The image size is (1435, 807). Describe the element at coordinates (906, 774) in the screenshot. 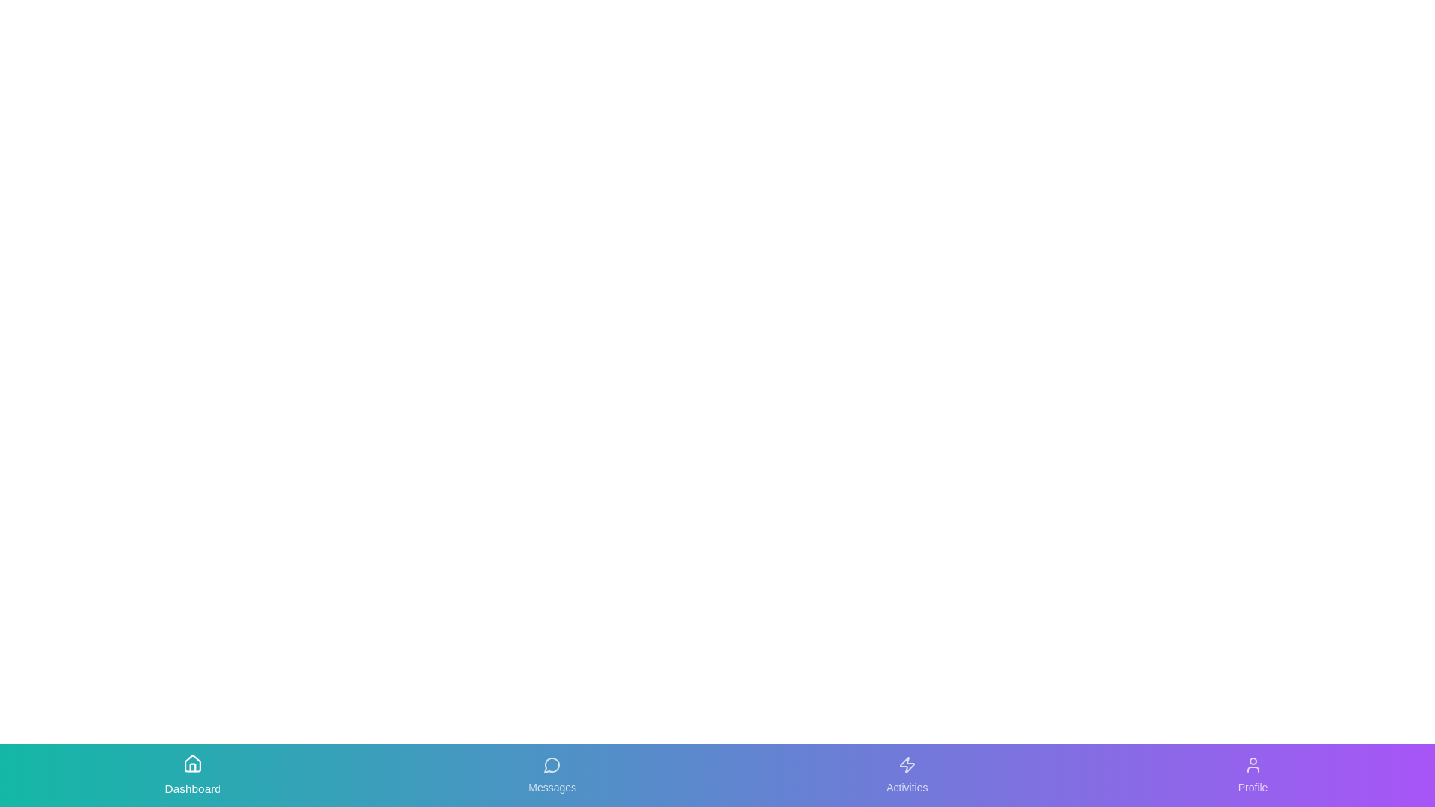

I see `the Activities tab in the navigation bar` at that location.